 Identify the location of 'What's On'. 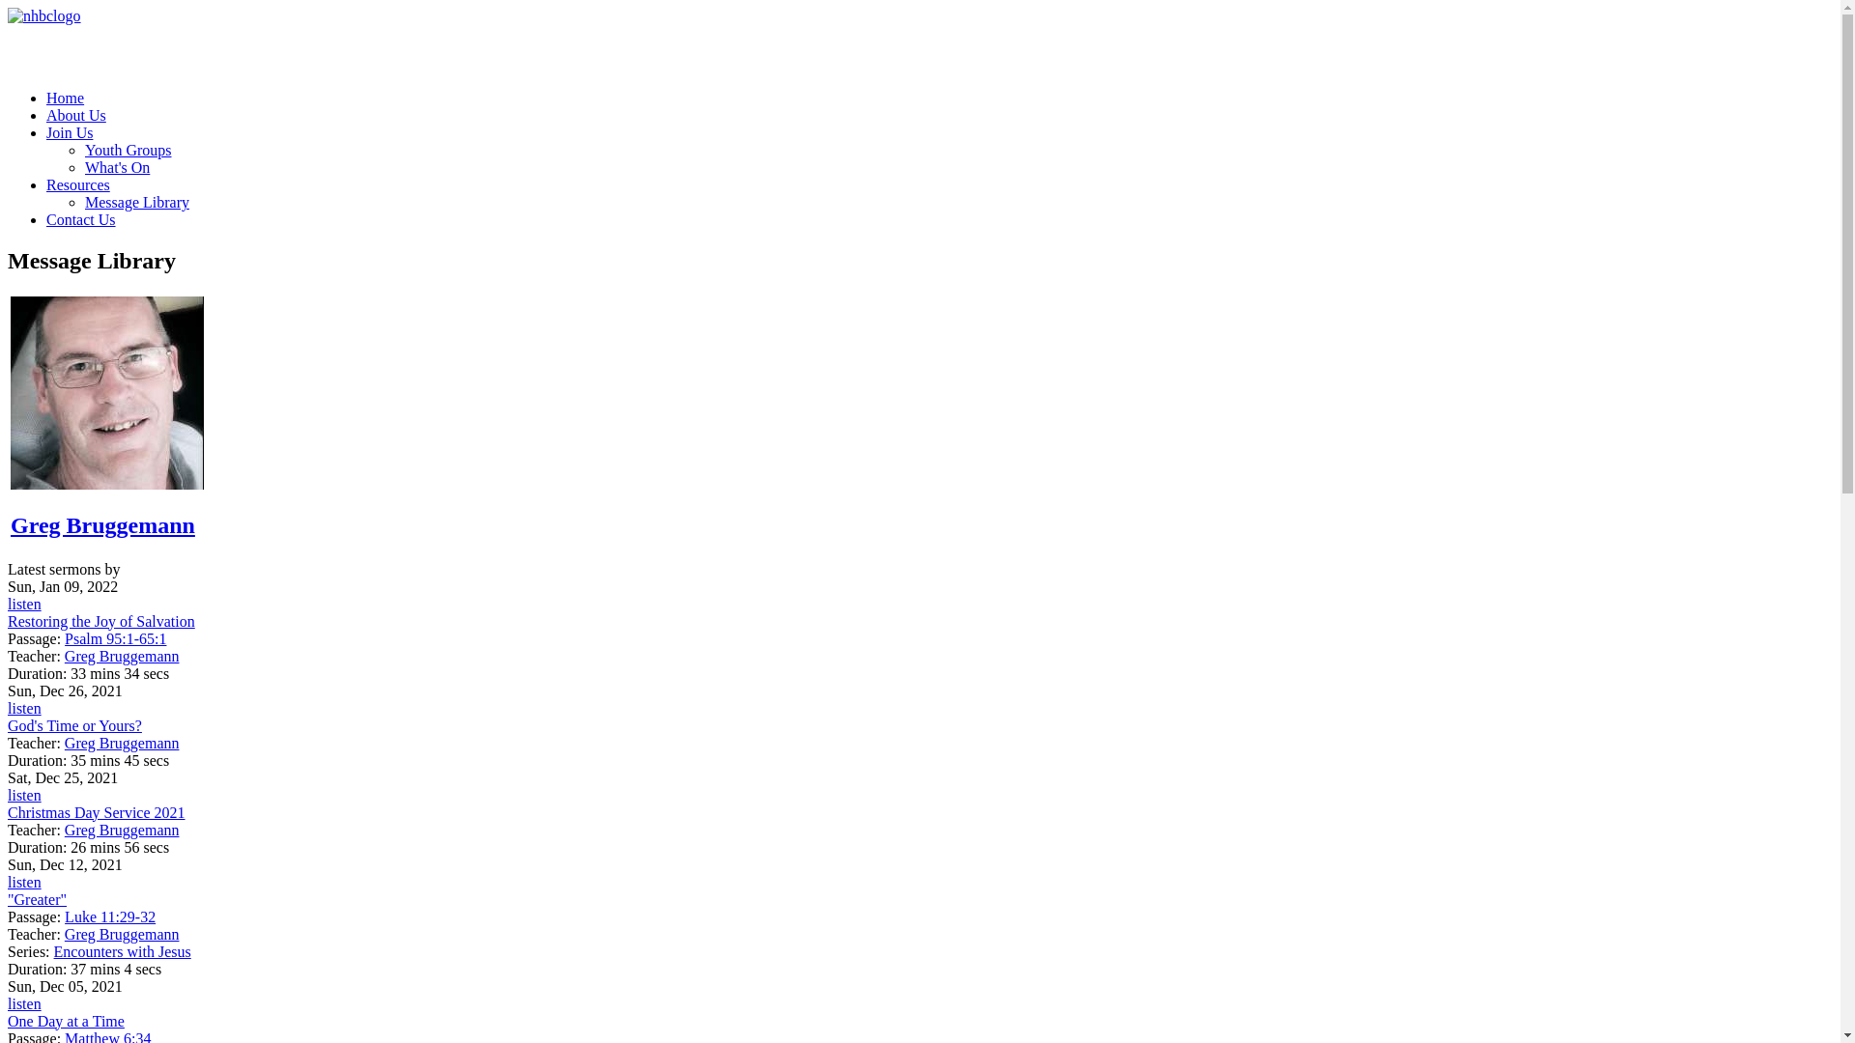
(116, 166).